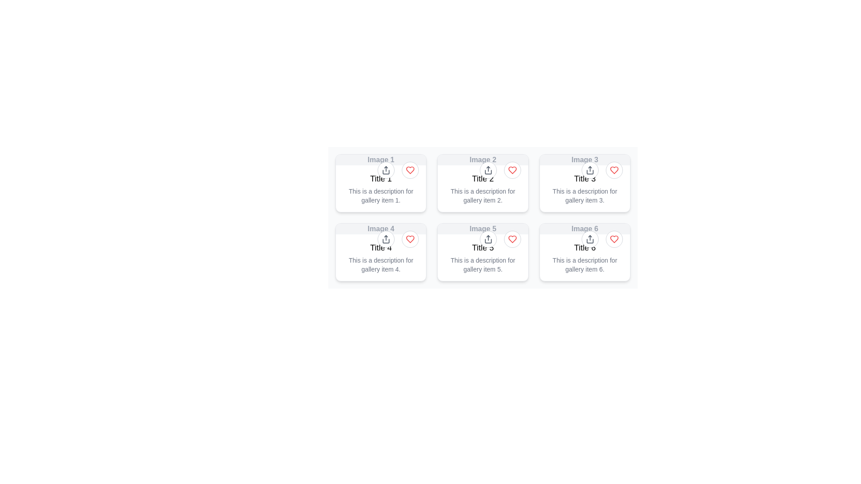 The image size is (861, 484). I want to click on the share button located in the upper-right corner of the card labeled 'Title 4' to initiate sharing, so click(398, 238).